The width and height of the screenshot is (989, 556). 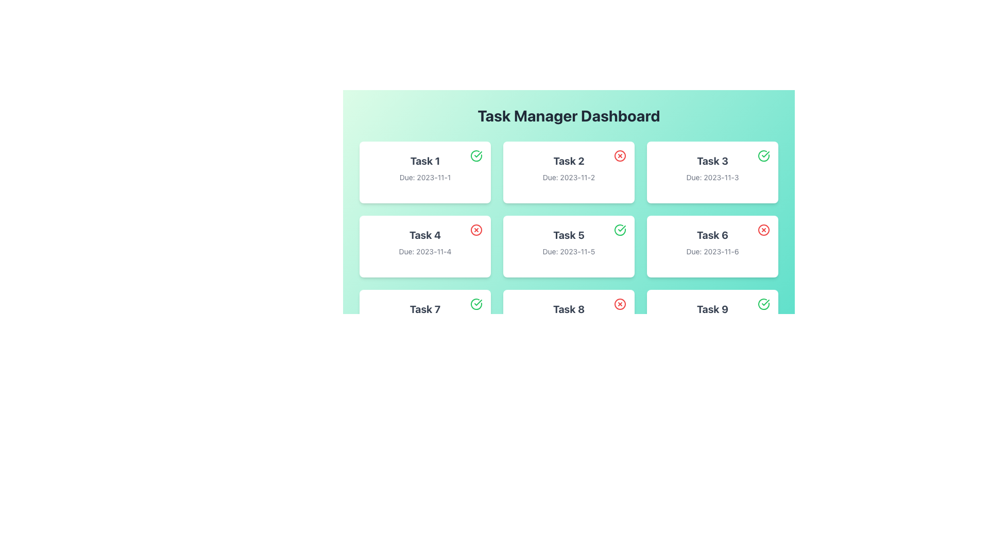 What do you see at coordinates (764, 156) in the screenshot?
I see `the completion icon located in the top-right corner of the 'Task 3' card` at bounding box center [764, 156].